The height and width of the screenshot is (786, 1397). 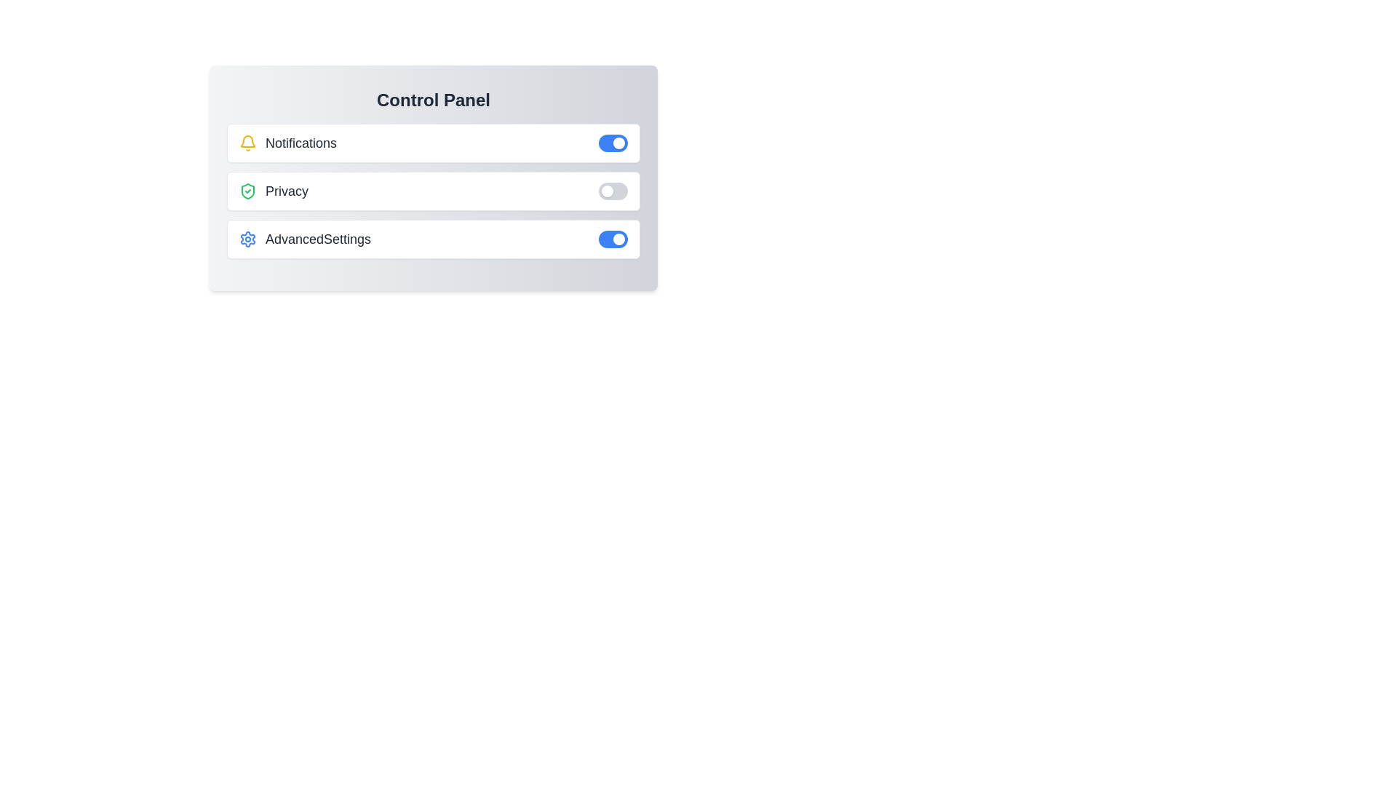 I want to click on the text label of the feature AdvancedSettings, so click(x=303, y=238).